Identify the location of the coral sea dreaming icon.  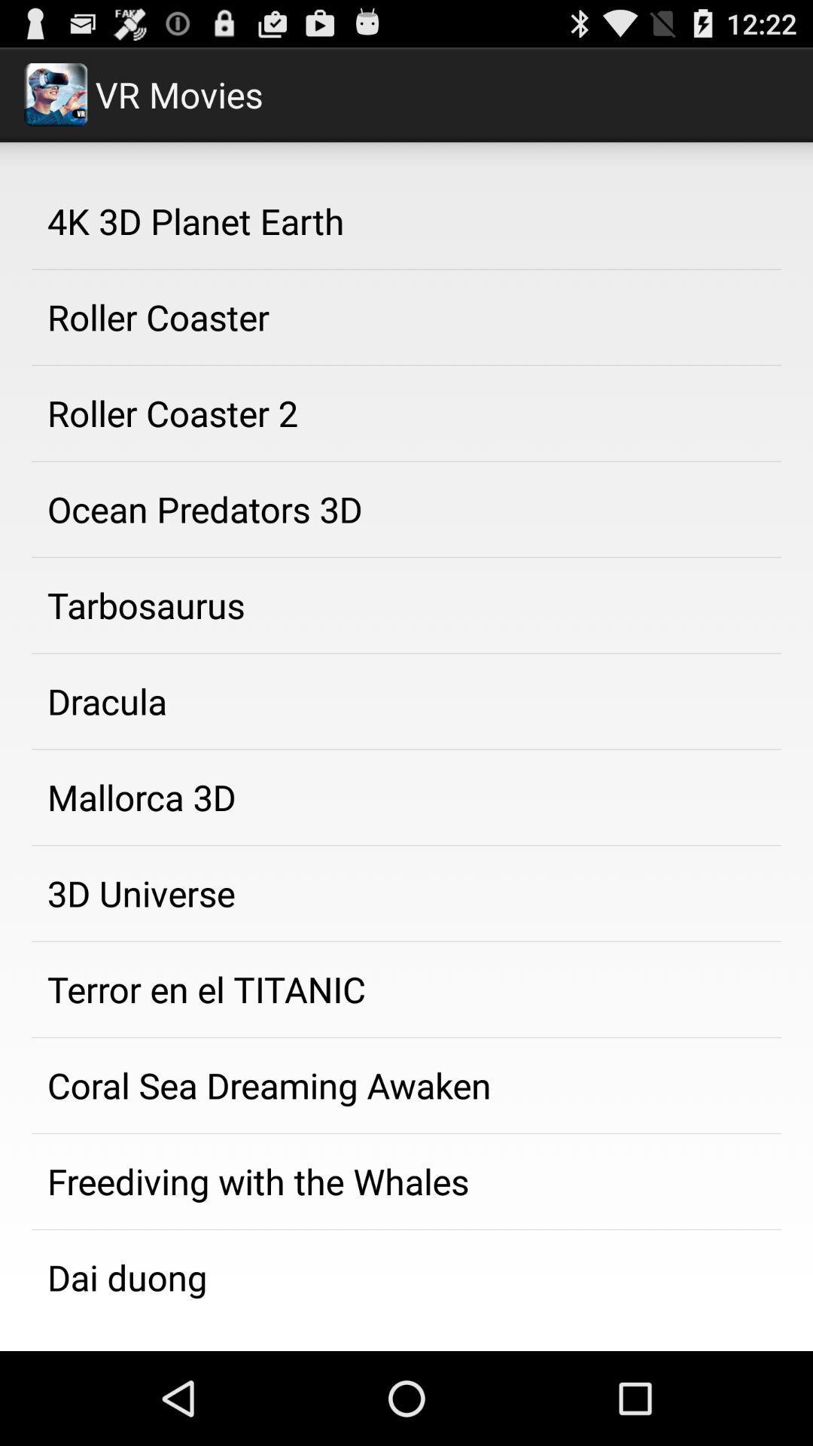
(406, 1085).